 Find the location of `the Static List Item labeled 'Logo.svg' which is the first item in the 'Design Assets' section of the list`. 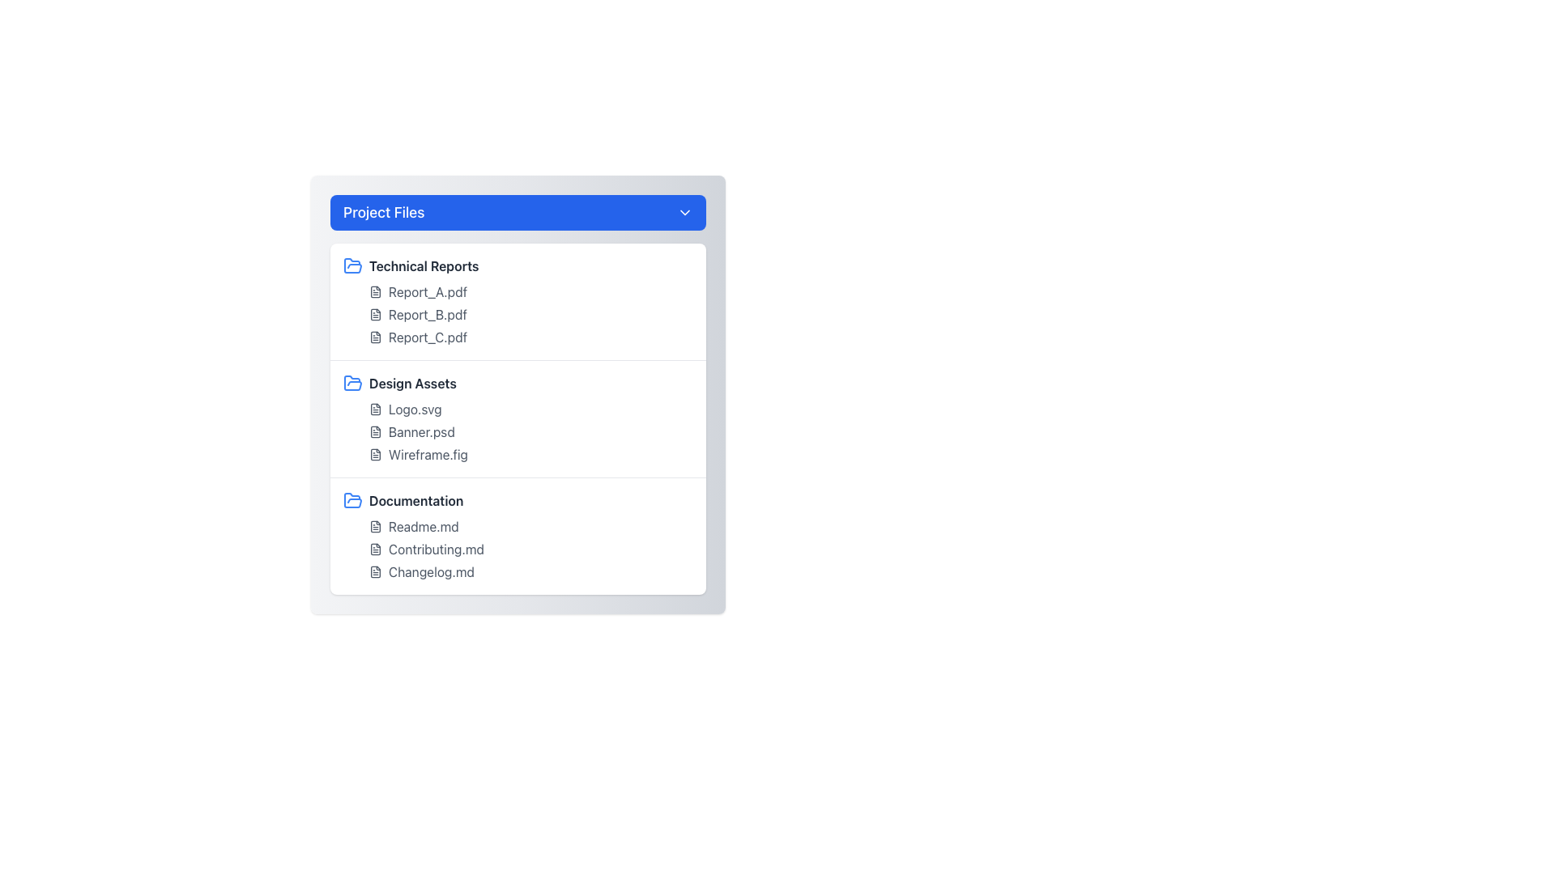

the Static List Item labeled 'Logo.svg' which is the first item in the 'Design Assets' section of the list is located at coordinates (531, 408).